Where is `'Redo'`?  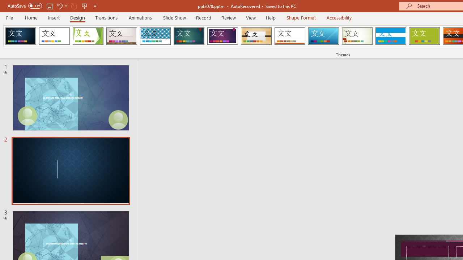
'Redo' is located at coordinates (74, 6).